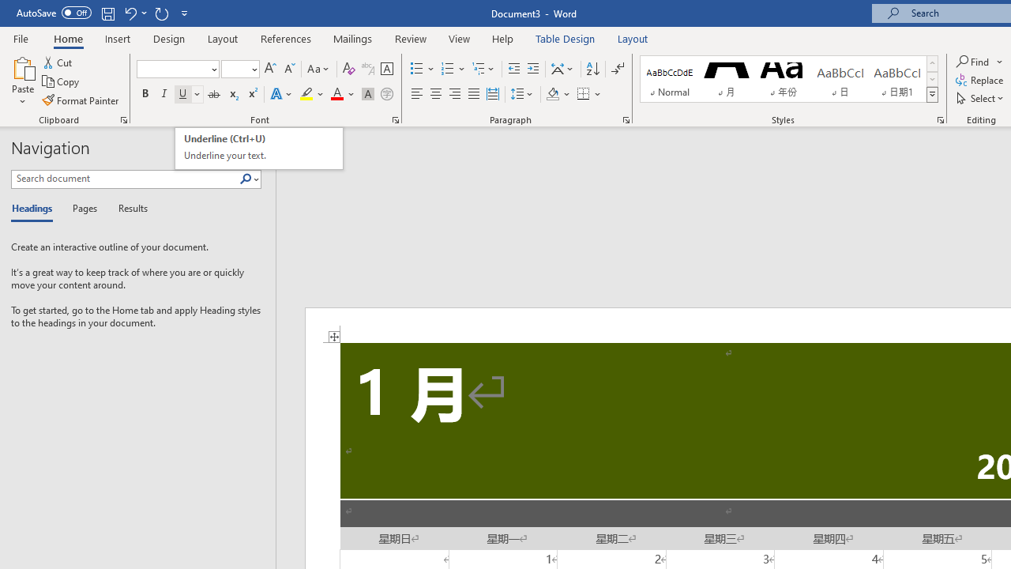 This screenshot has width=1011, height=569. I want to click on 'Justify', so click(472, 94).